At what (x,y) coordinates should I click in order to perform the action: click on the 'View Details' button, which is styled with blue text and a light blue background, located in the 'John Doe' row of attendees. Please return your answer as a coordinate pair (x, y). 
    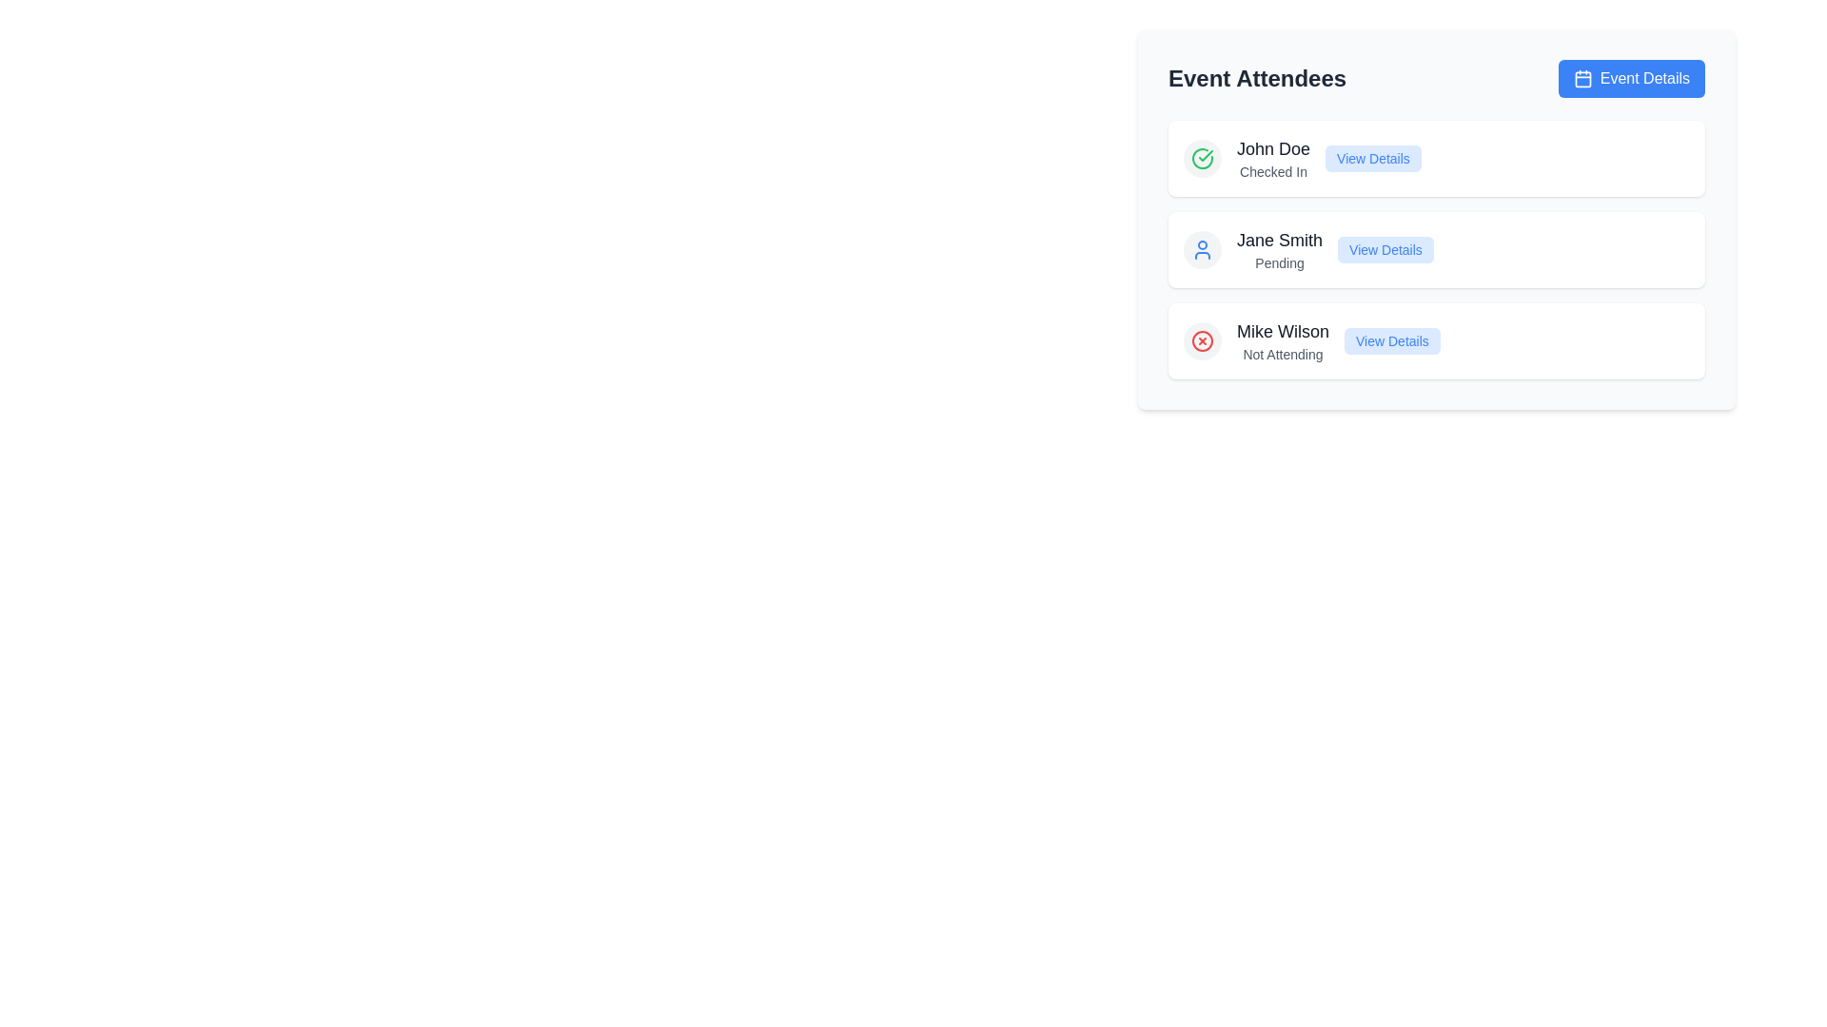
    Looking at the image, I should click on (1373, 157).